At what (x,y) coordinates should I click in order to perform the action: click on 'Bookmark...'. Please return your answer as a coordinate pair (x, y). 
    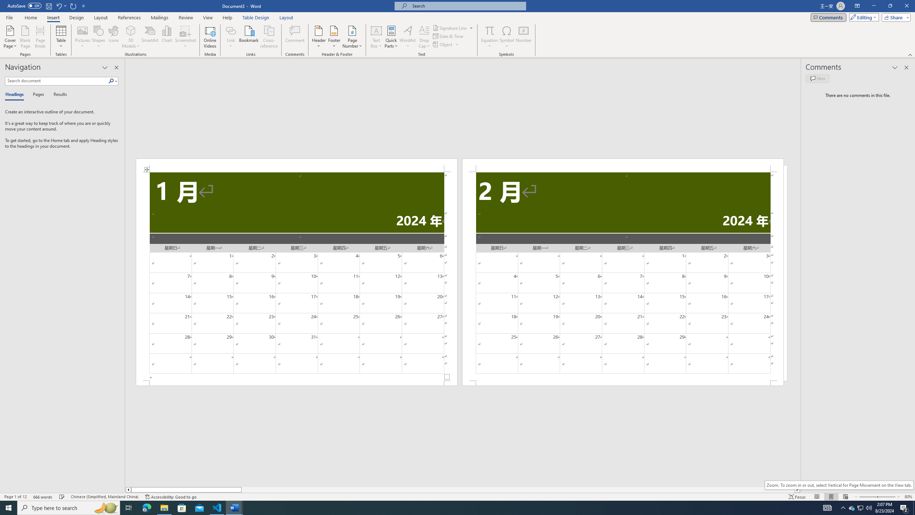
    Looking at the image, I should click on (249, 37).